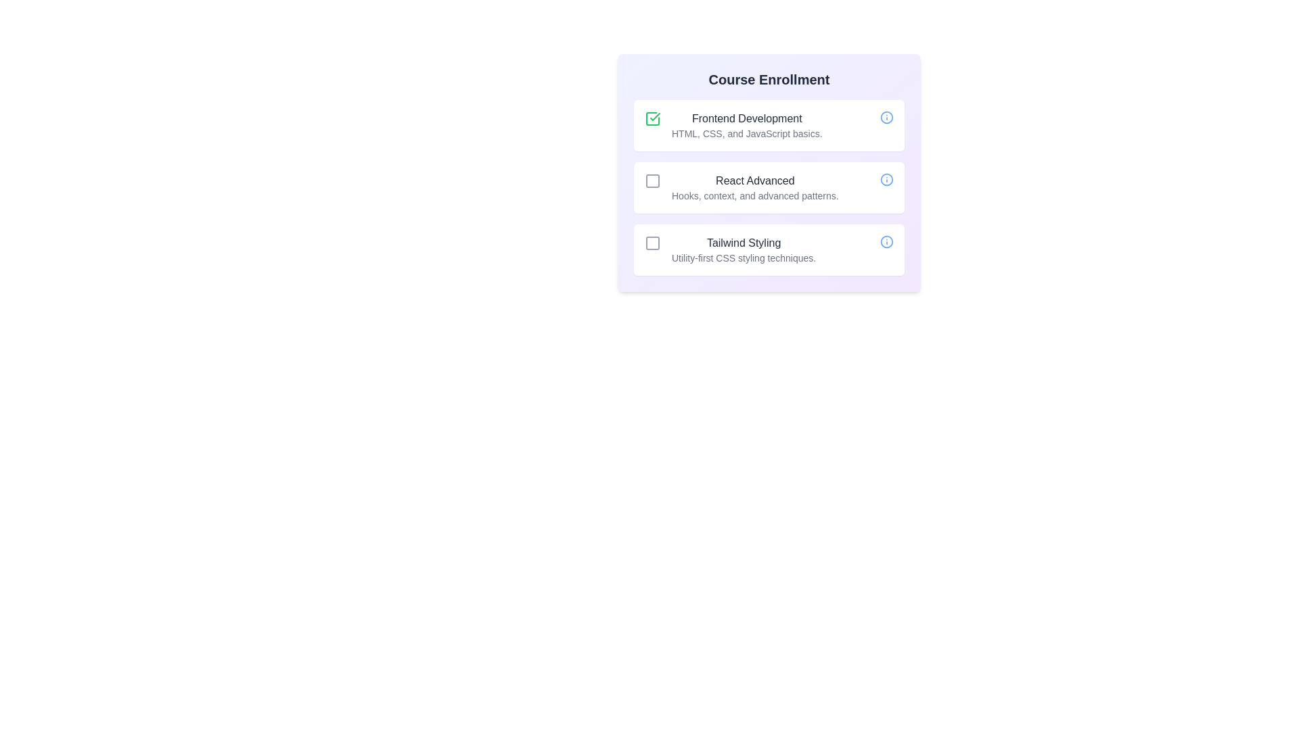 The width and height of the screenshot is (1299, 730). Describe the element at coordinates (769, 250) in the screenshot. I see `title and description of the course card labeled 'Tailwind Styling', which is a selectable item in the course enrollment interface` at that location.